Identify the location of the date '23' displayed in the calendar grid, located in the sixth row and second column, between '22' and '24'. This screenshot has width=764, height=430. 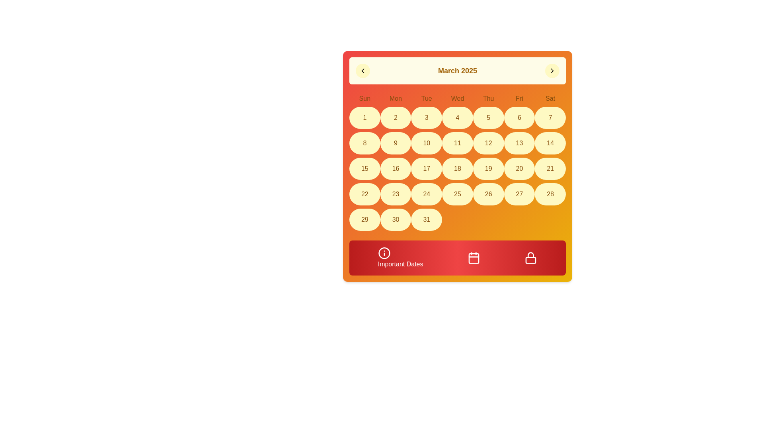
(396, 194).